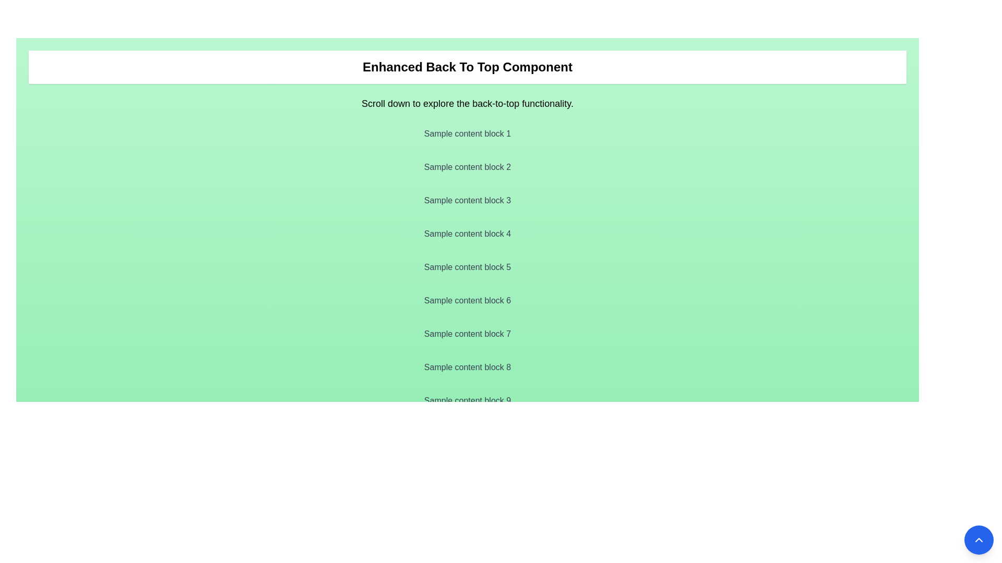 The width and height of the screenshot is (1002, 563). What do you see at coordinates (467, 367) in the screenshot?
I see `text displayed in the eighth content block titled 'Sample content block' located in the main scrollable section of the page` at bounding box center [467, 367].